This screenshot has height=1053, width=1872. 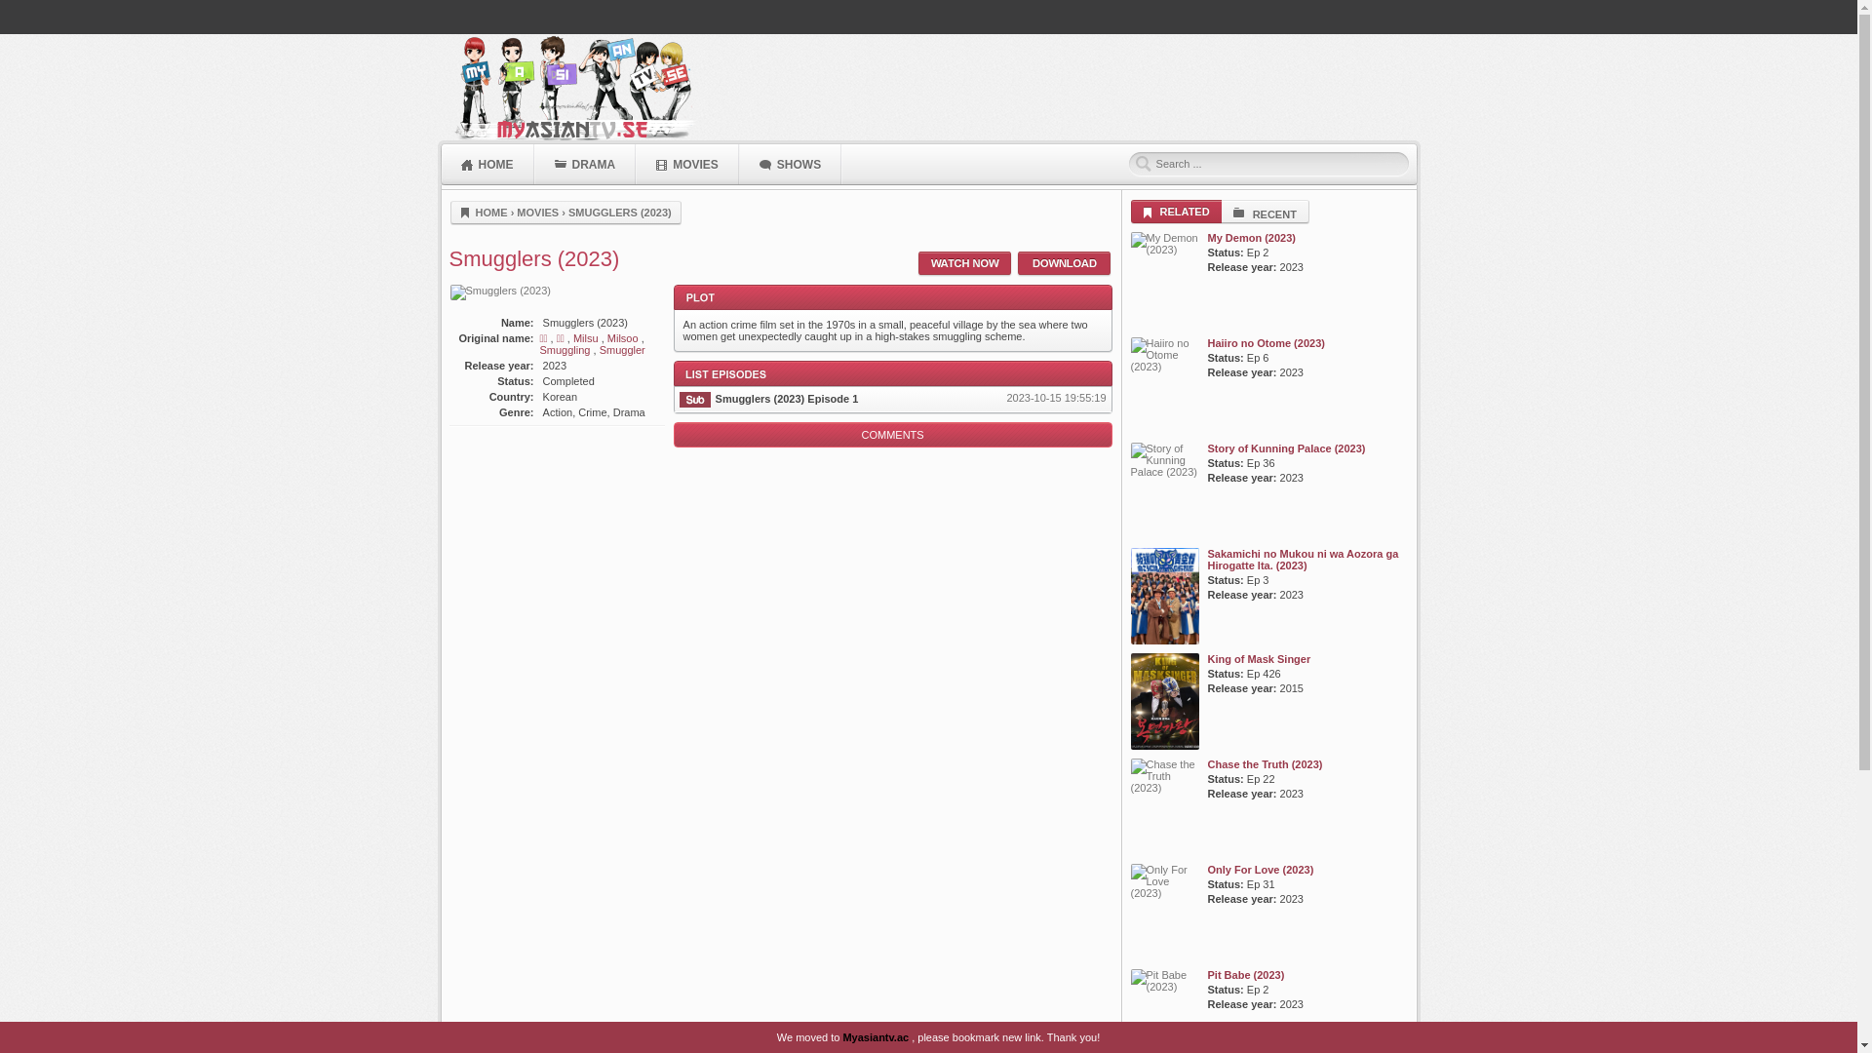 I want to click on 'MyAsianTV', so click(x=570, y=86).